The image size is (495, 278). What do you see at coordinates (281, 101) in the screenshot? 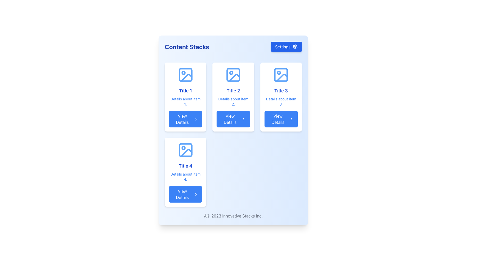
I see `the text element displaying 'Details about item 3.' which is located in the center of the card labeled 'Title 3' in the grid layout` at bounding box center [281, 101].